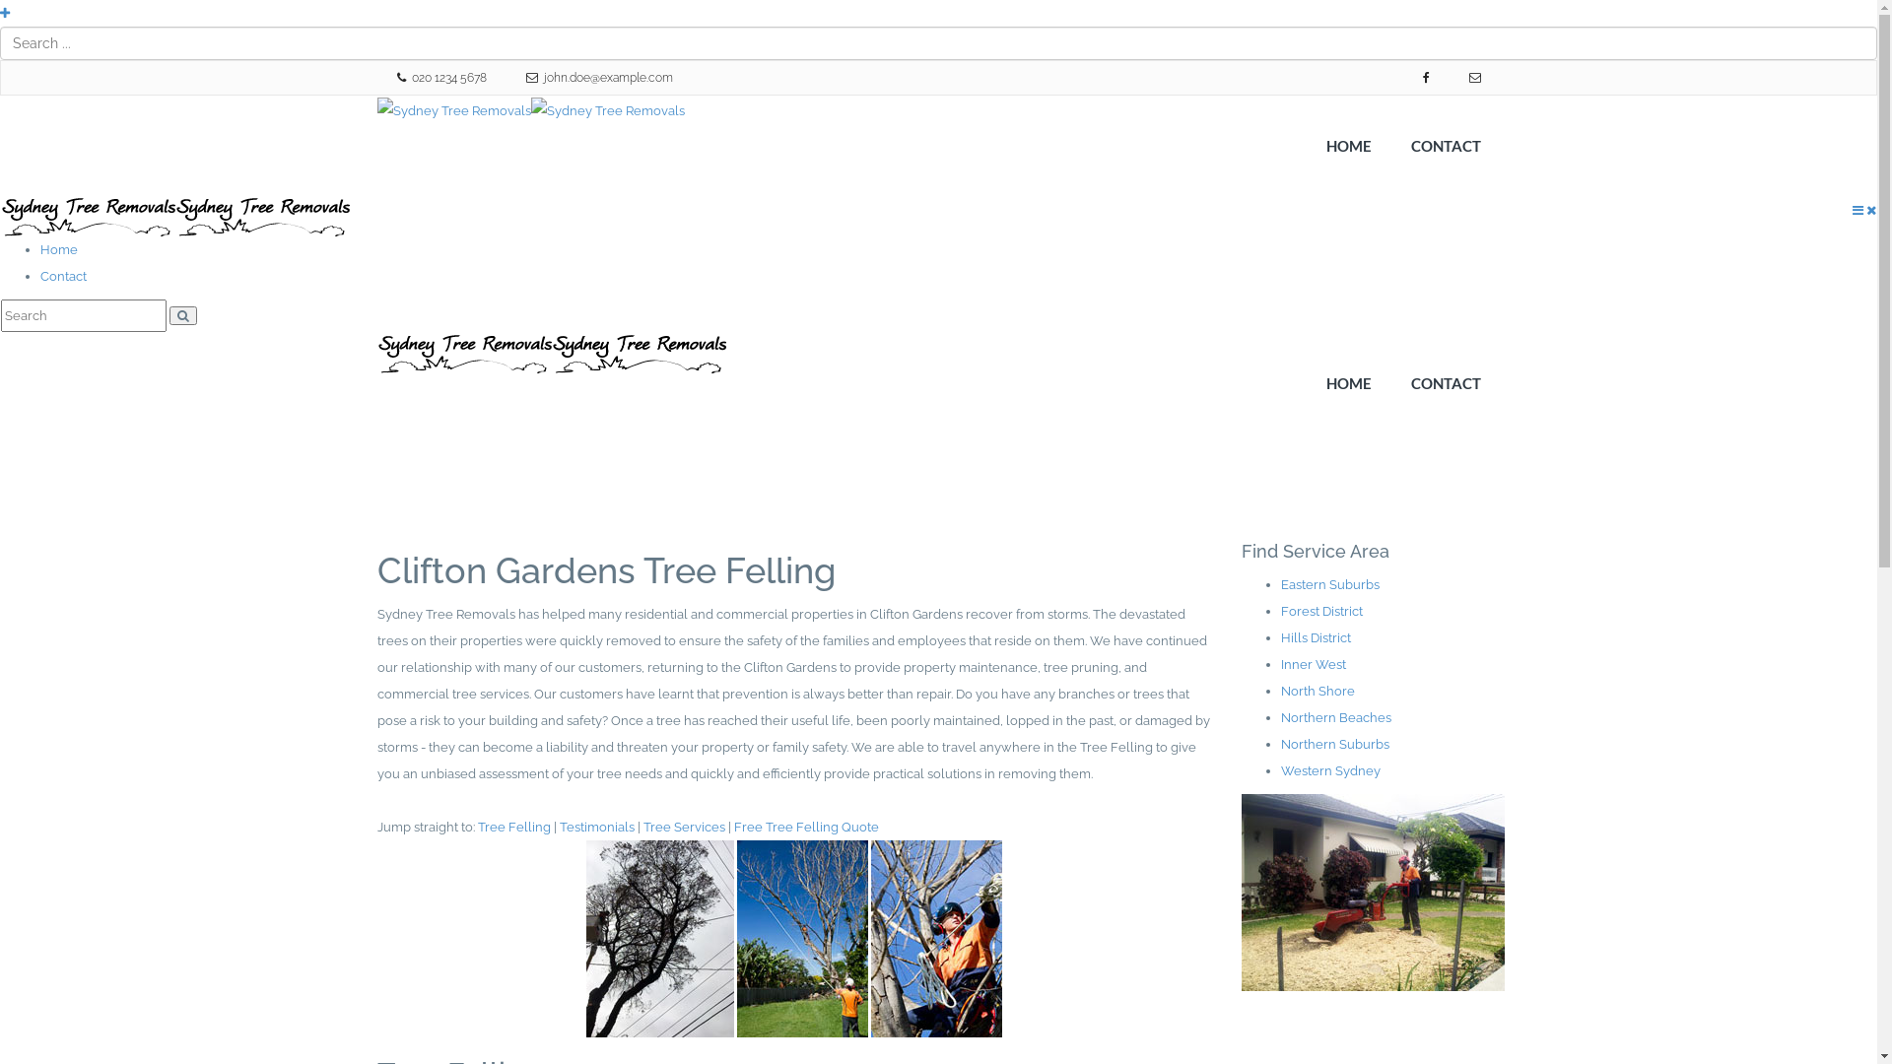  What do you see at coordinates (40, 276) in the screenshot?
I see `'Contact'` at bounding box center [40, 276].